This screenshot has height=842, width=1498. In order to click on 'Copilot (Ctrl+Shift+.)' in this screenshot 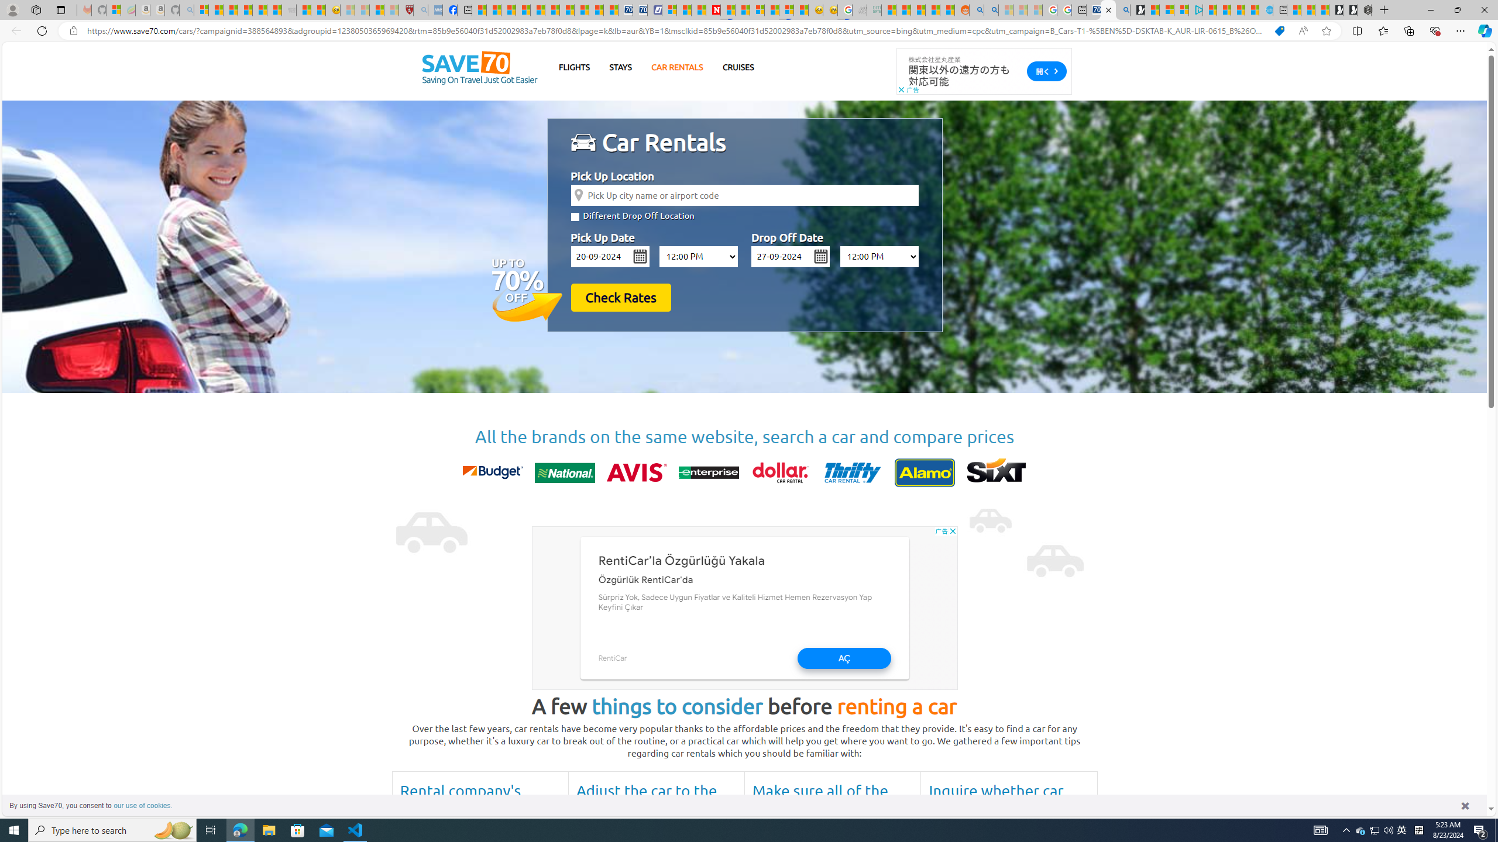, I will do `click(1483, 30)`.